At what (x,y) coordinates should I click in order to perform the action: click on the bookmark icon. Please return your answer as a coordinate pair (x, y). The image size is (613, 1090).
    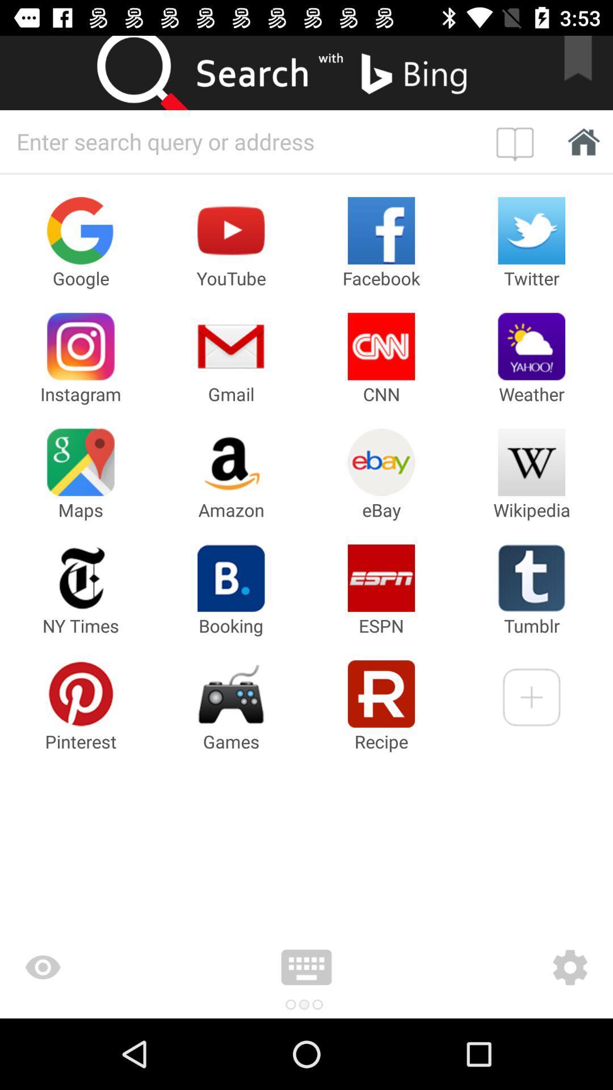
    Looking at the image, I should click on (585, 72).